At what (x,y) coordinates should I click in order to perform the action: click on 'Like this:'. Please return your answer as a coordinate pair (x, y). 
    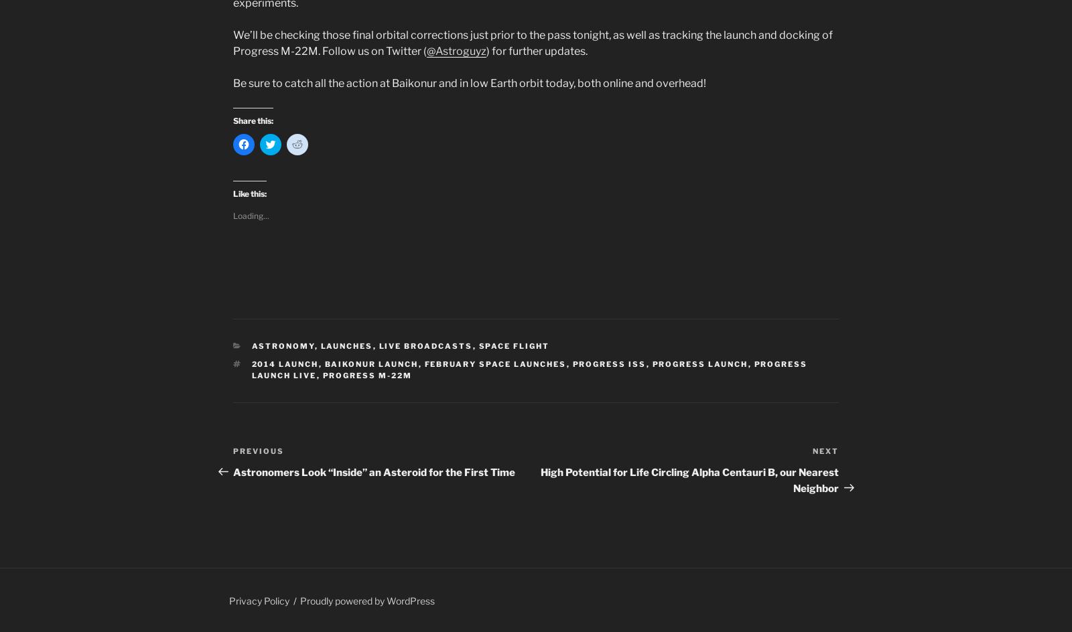
    Looking at the image, I should click on (249, 193).